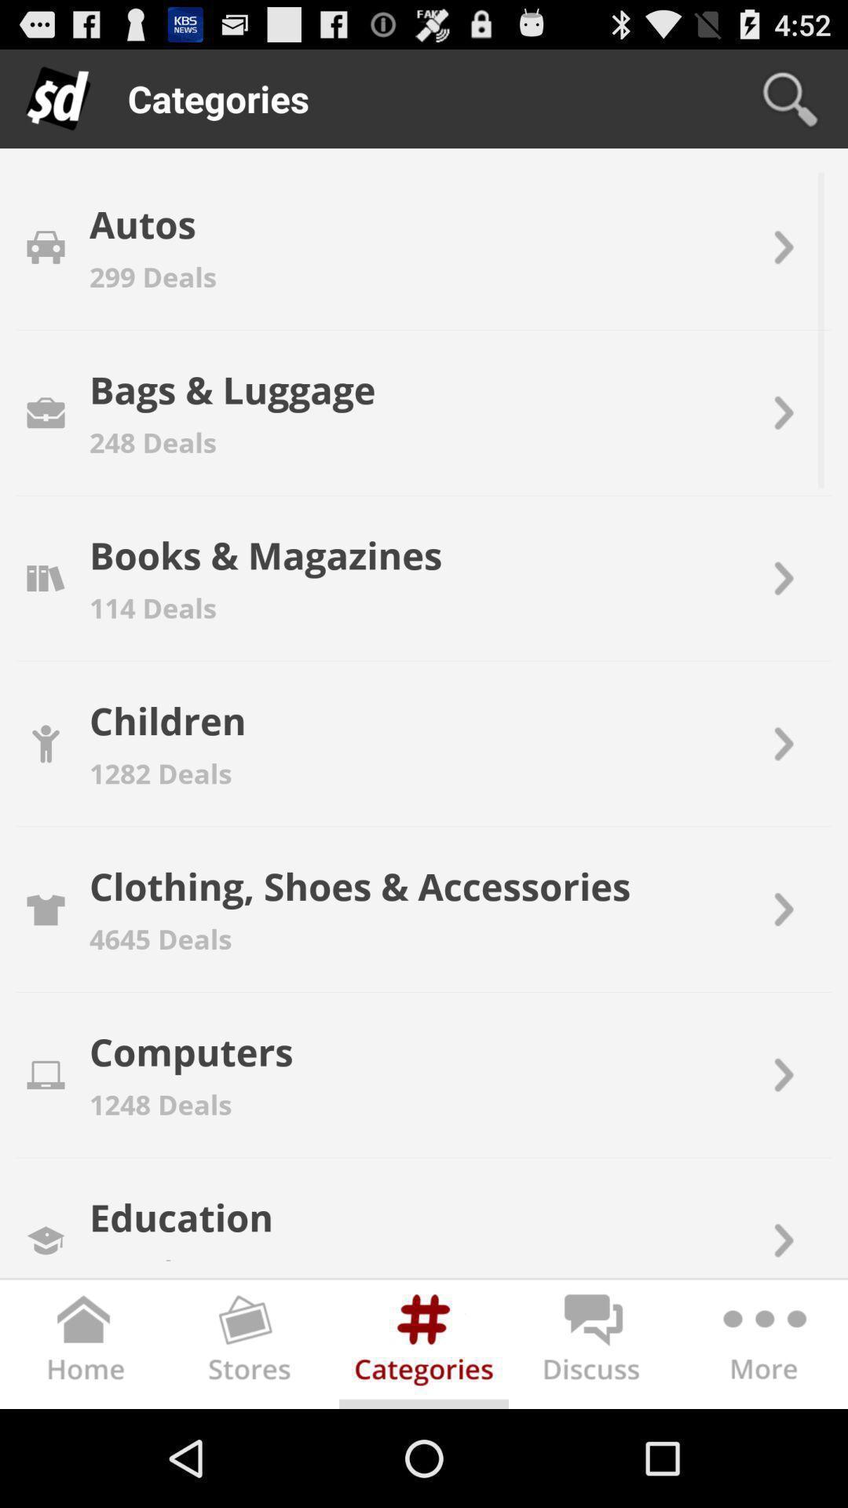 This screenshot has width=848, height=1508. Describe the element at coordinates (424, 1347) in the screenshot. I see `to choose categories option` at that location.